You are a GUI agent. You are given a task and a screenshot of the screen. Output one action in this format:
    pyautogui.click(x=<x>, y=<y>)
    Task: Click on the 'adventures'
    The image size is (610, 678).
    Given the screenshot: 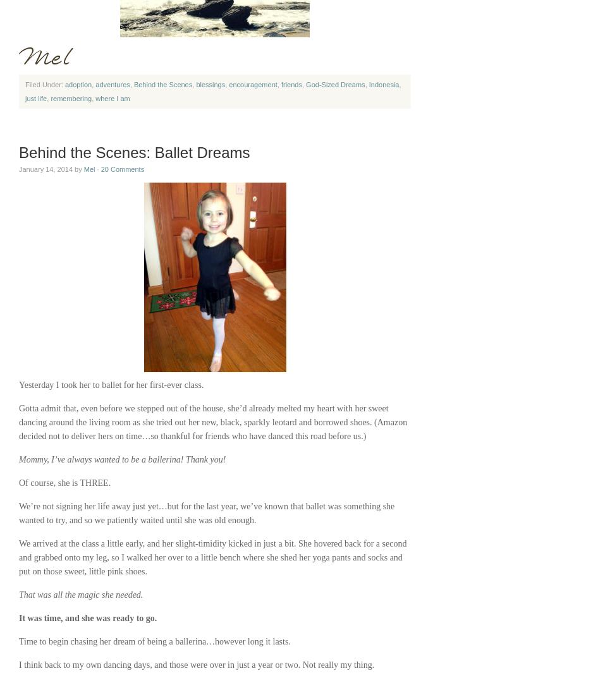 What is the action you would take?
    pyautogui.click(x=112, y=84)
    